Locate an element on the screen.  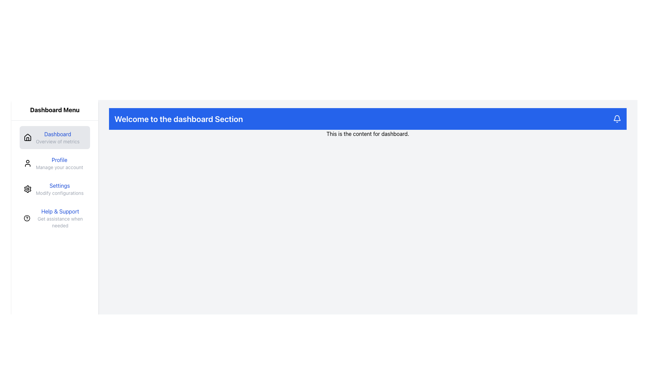
the 'Help & Support' text block in the left navigation menu is located at coordinates (60, 218).